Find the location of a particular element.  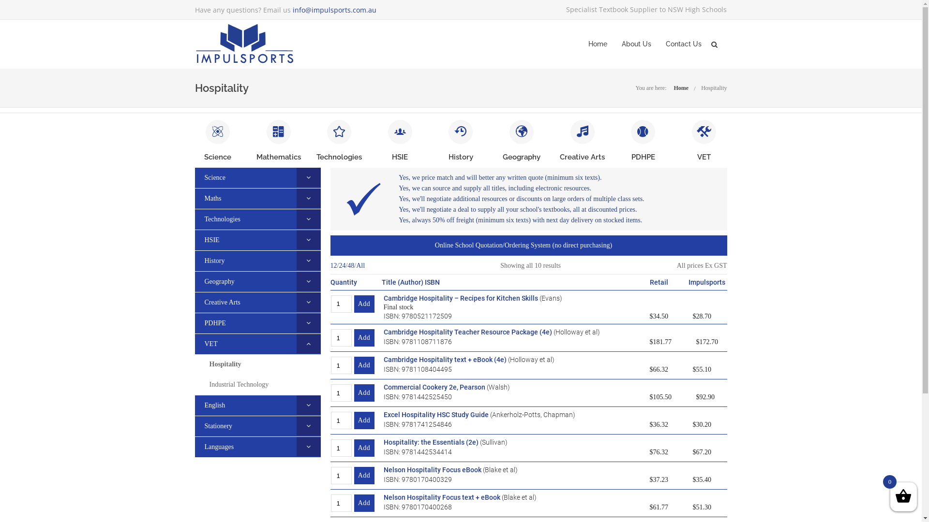

'Contact Us' is located at coordinates (665, 44).